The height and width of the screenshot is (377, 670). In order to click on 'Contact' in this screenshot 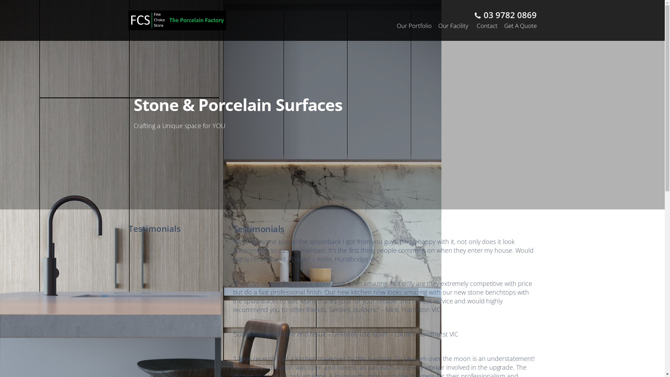, I will do `click(487, 25)`.